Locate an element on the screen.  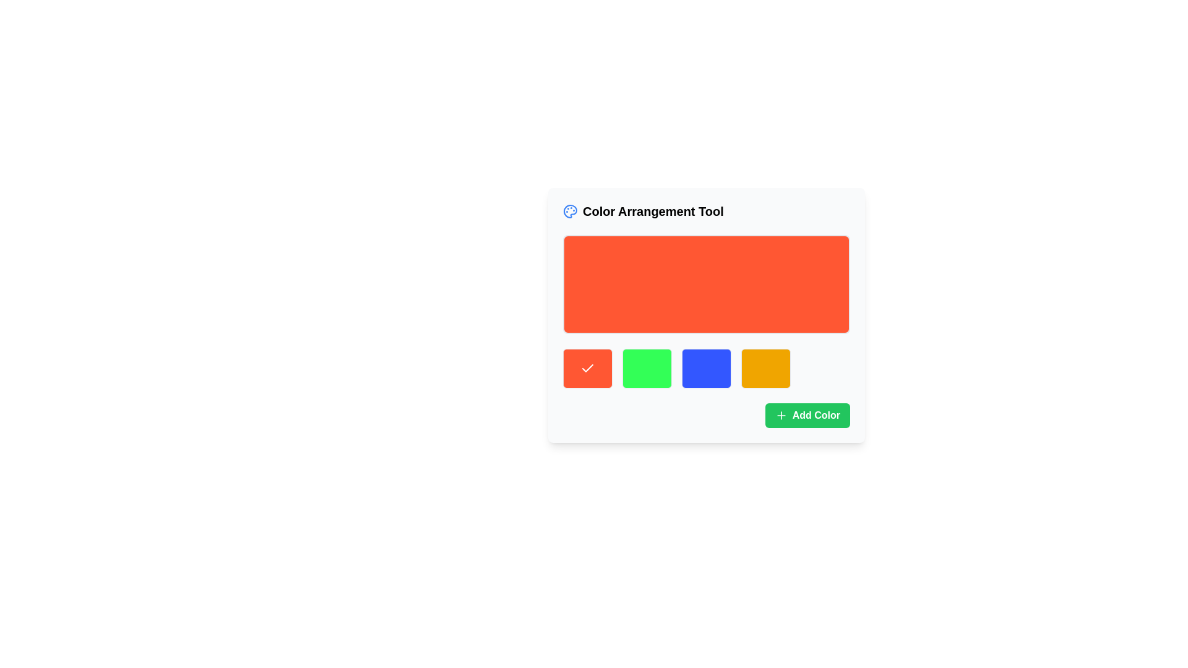
the visual display area or placeholder used is located at coordinates (707, 314).